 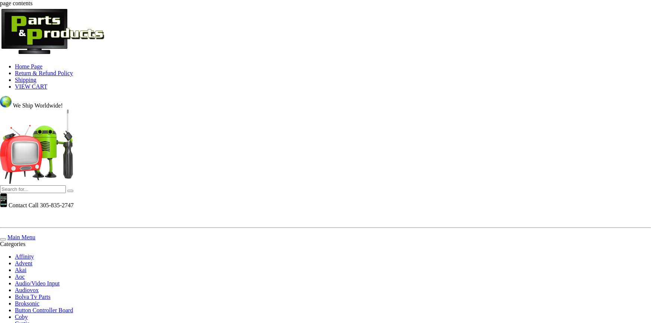 I want to click on 'Get 10% off', so click(x=17, y=212).